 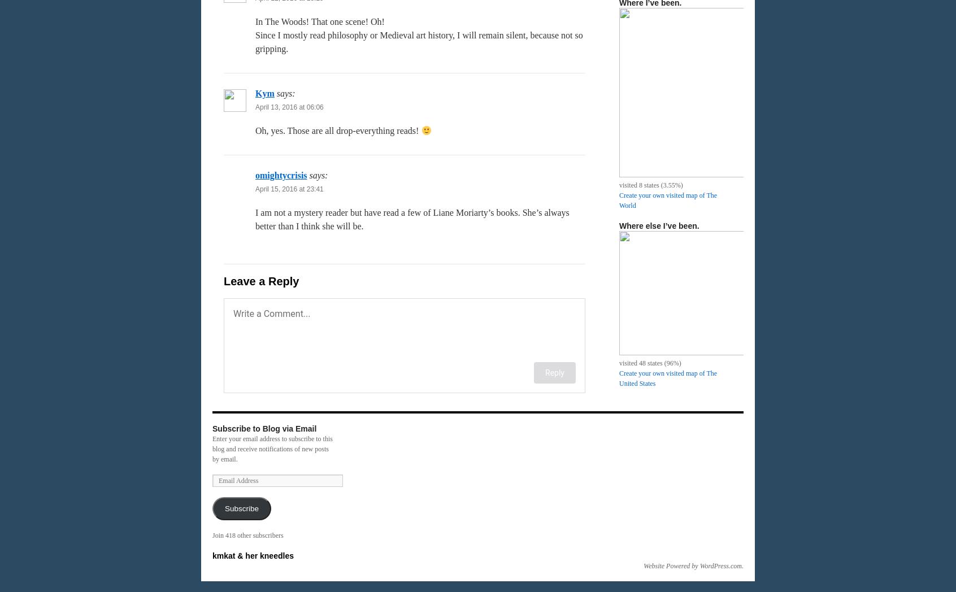 What do you see at coordinates (254, 189) in the screenshot?
I see `'April 15, 2016 at 23:41'` at bounding box center [254, 189].